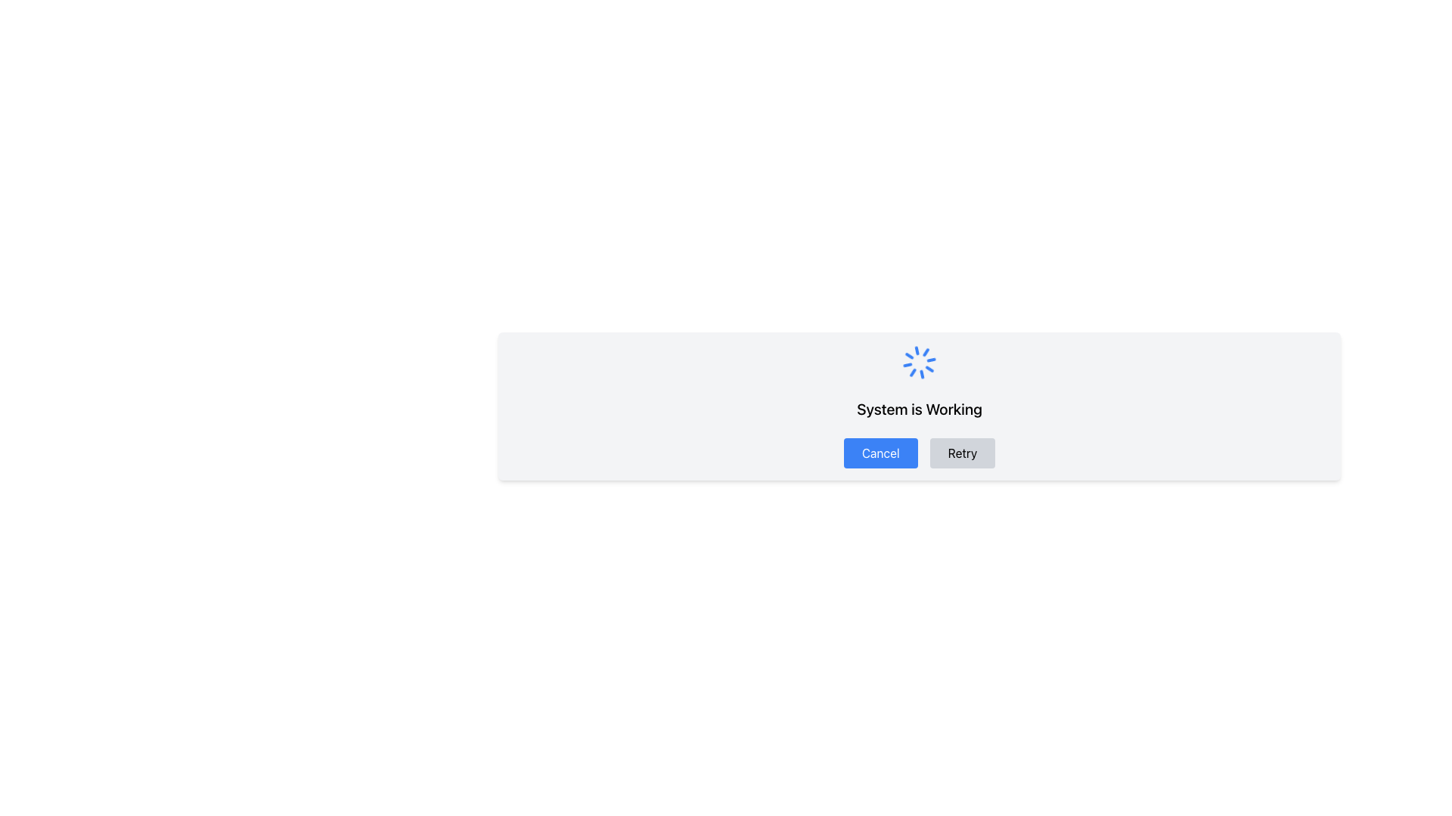 This screenshot has width=1452, height=816. I want to click on the spinning loader icon, which is a blue radial lines animation located in the upper center of the modal dialog, above the text 'System is Working', so click(918, 362).